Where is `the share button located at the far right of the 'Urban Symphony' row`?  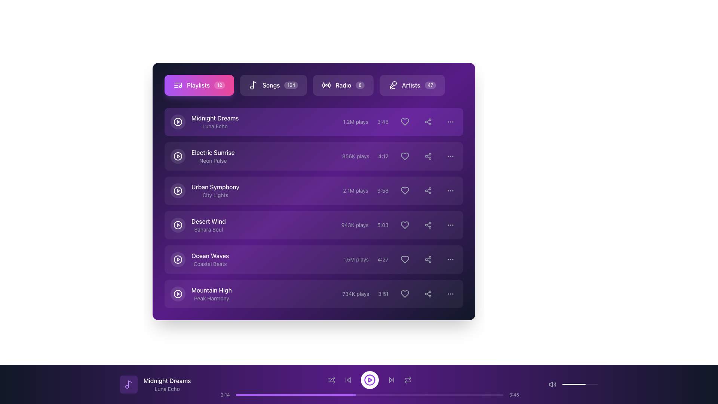
the share button located at the far right of the 'Urban Symphony' row is located at coordinates (428, 190).